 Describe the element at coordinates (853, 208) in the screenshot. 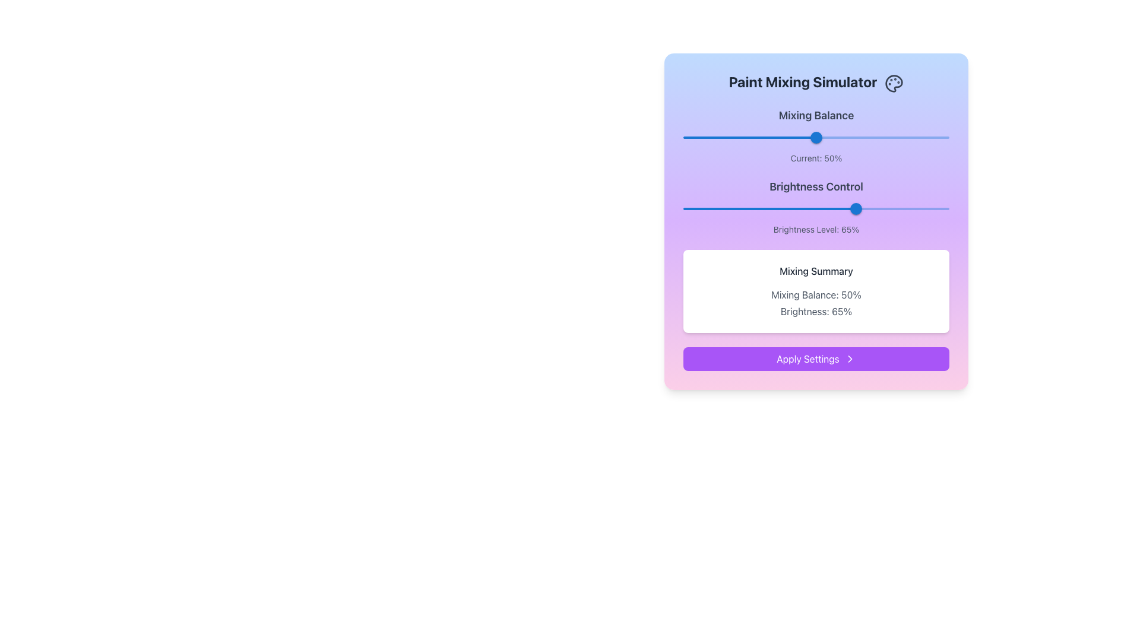

I see `the brightness level` at that location.